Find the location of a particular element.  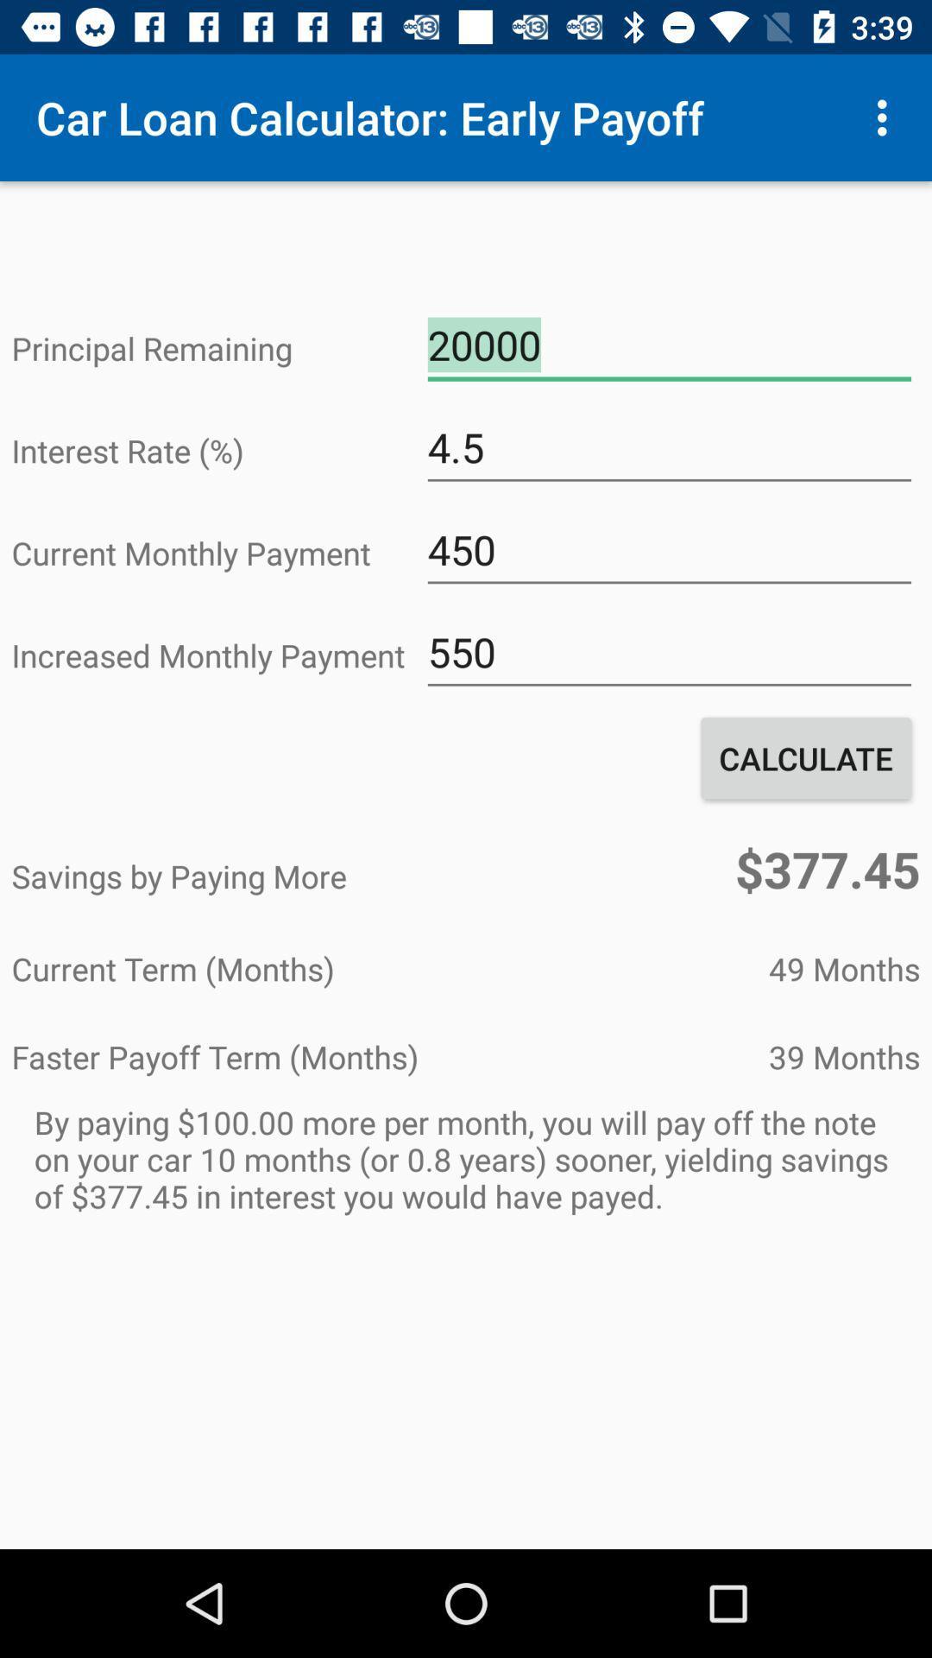

the icon below the 450 is located at coordinates (668, 651).